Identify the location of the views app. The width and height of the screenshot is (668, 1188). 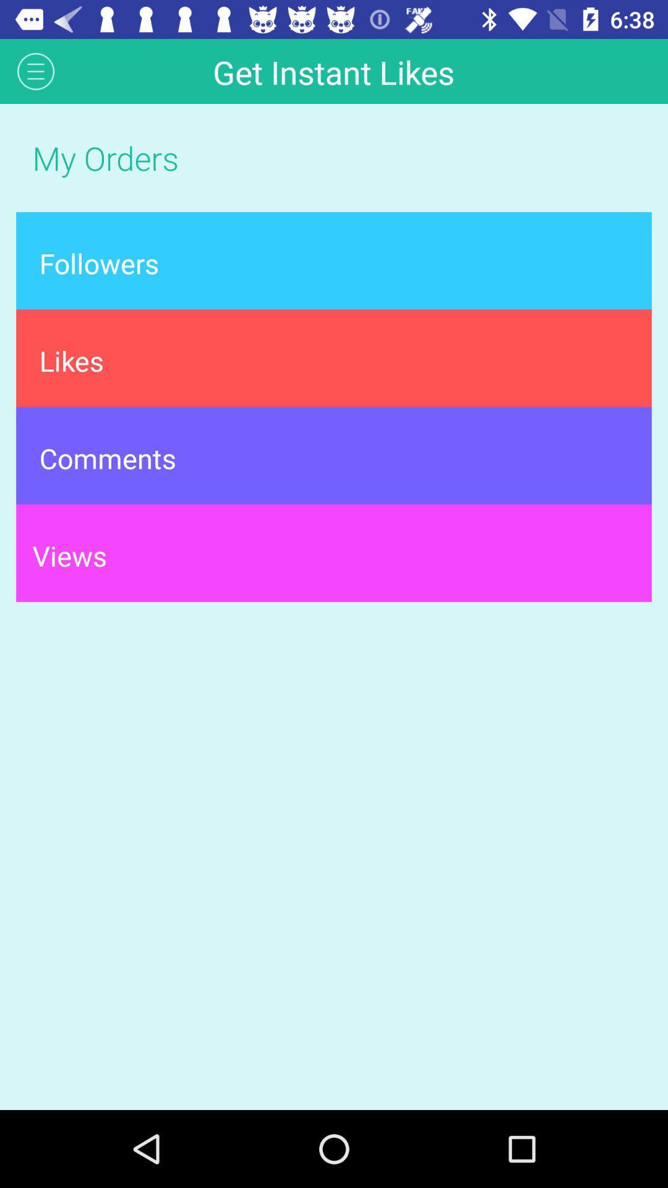
(334, 552).